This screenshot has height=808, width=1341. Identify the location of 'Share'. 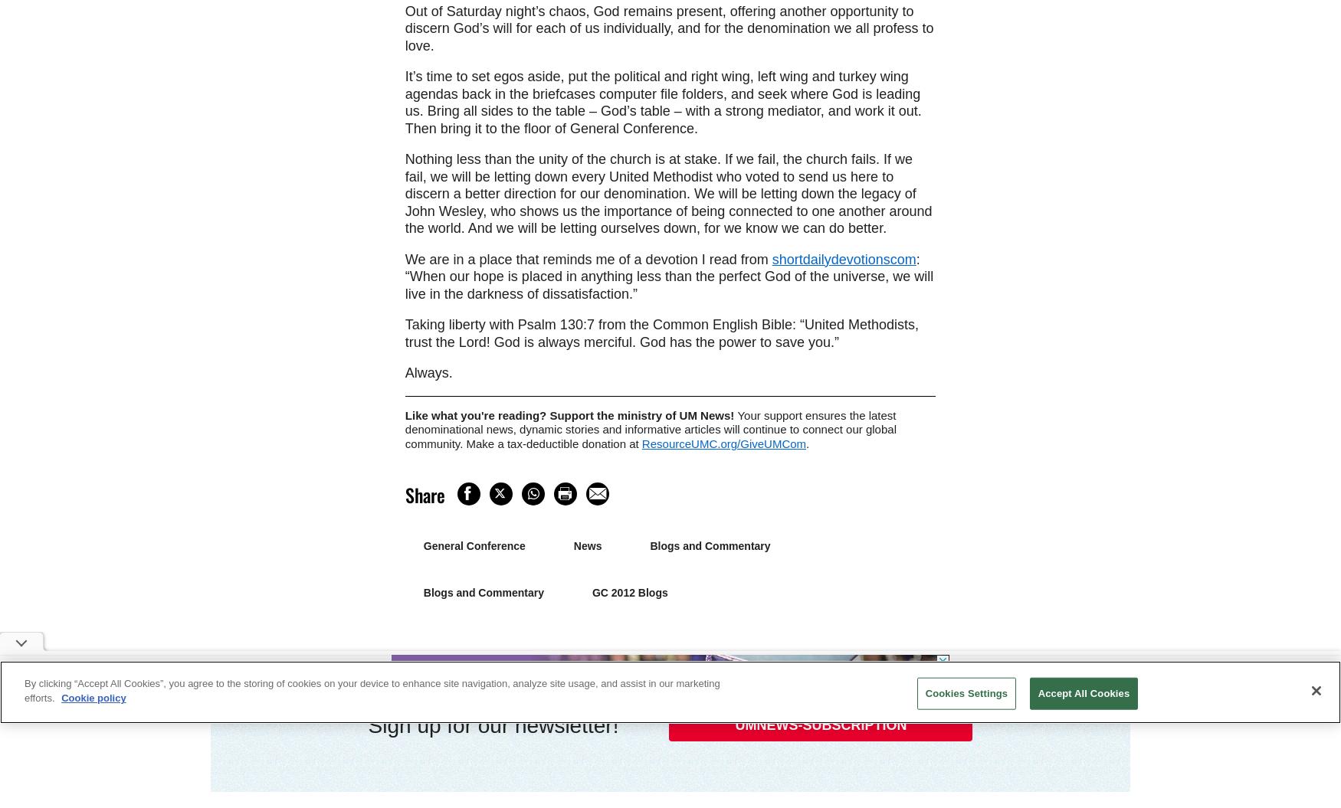
(403, 494).